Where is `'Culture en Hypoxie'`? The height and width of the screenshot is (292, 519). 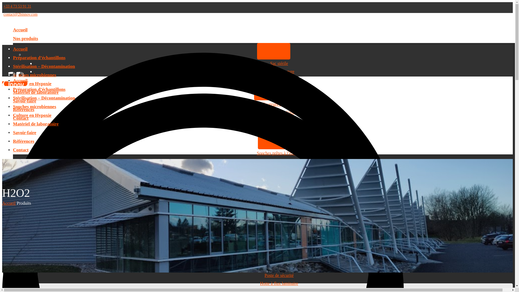
'Culture en Hypoxie' is located at coordinates (32, 115).